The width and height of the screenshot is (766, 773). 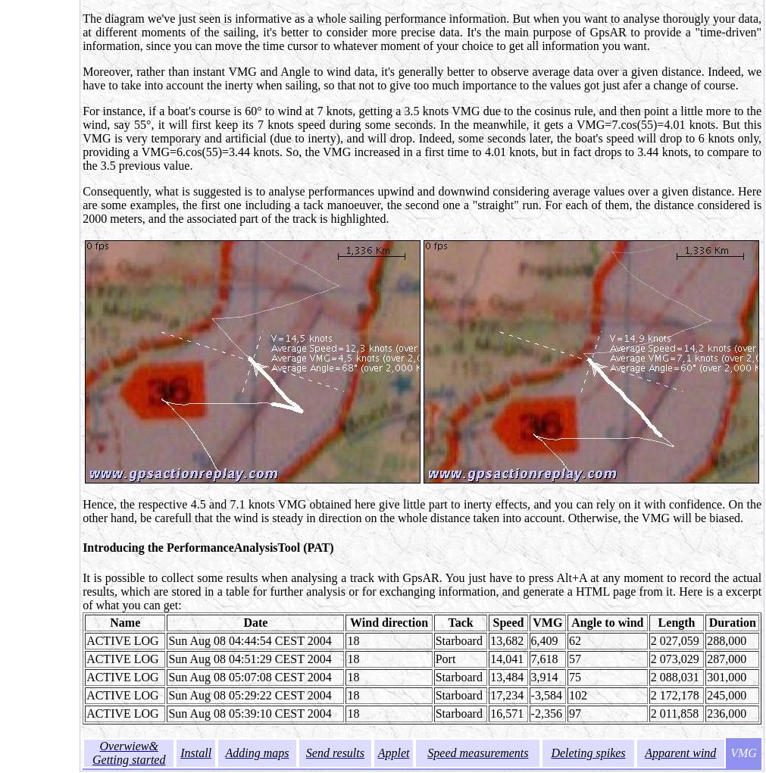 I want to click on '2 073,029', so click(x=650, y=657).